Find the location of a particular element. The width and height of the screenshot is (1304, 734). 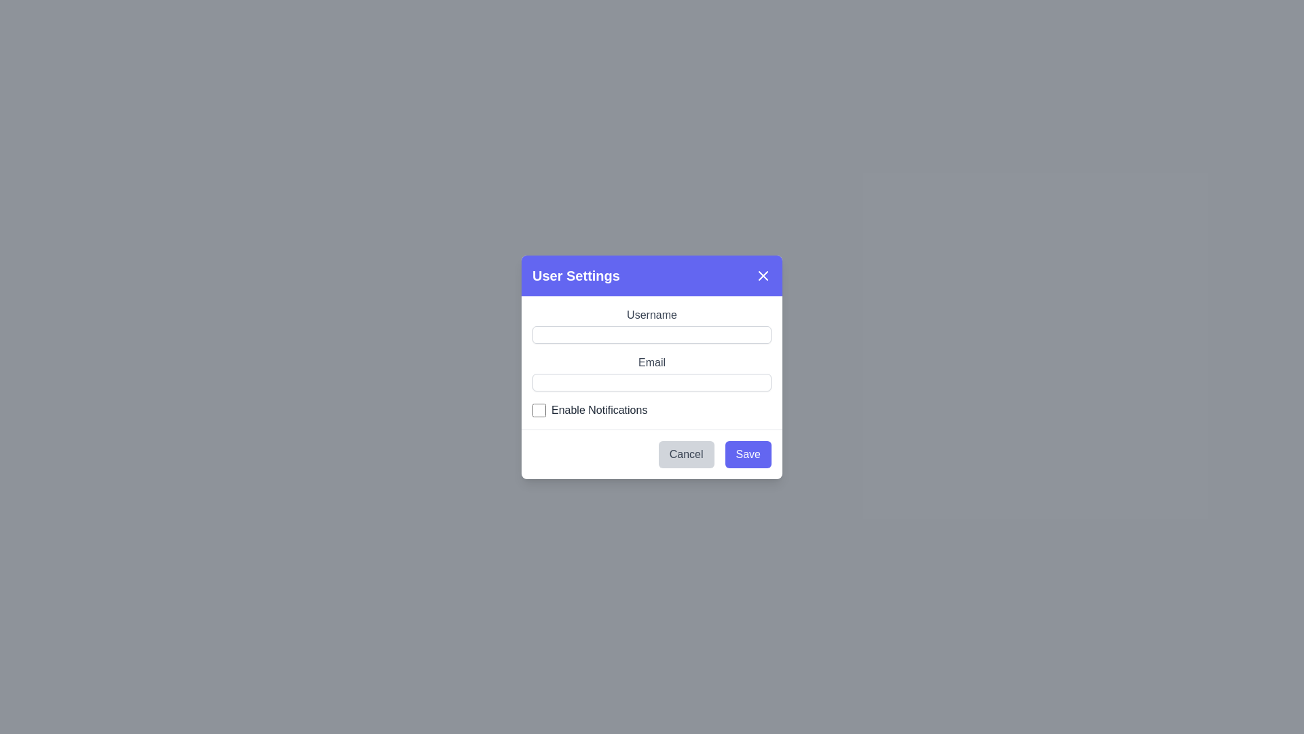

the 'Enable Notifications' label, which is styled in dark gray and positioned next to the checkbox in the user settings modal is located at coordinates (598, 409).